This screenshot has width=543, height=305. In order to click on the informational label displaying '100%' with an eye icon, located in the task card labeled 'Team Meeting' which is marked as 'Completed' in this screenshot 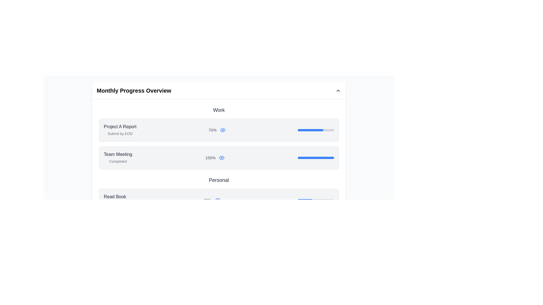, I will do `click(215, 158)`.